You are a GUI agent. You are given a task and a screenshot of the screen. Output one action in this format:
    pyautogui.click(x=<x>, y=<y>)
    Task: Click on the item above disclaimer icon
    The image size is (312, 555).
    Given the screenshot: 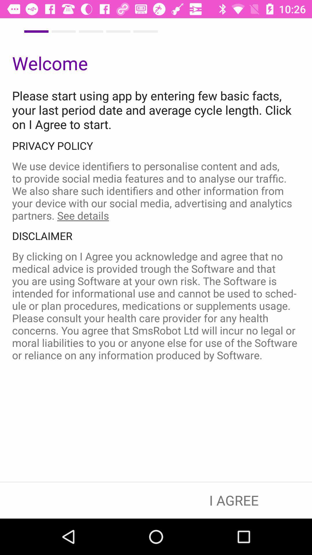 What is the action you would take?
    pyautogui.click(x=156, y=191)
    